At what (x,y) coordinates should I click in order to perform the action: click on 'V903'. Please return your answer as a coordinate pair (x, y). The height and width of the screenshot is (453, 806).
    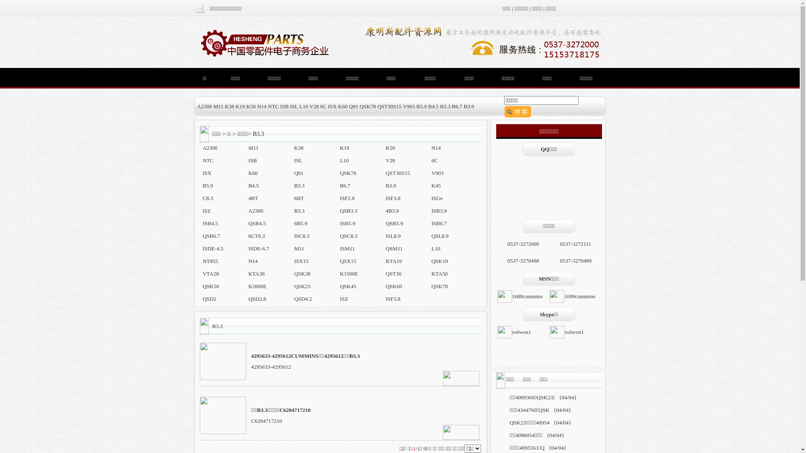
    Looking at the image, I should click on (437, 172).